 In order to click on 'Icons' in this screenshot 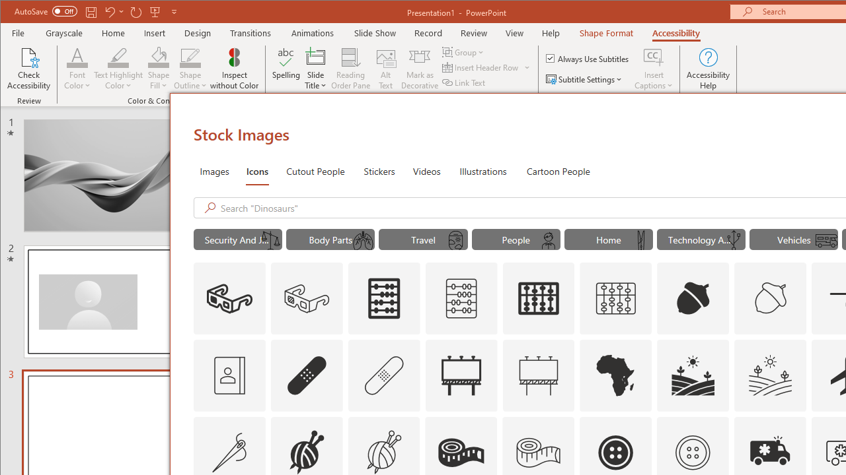, I will do `click(257, 170)`.